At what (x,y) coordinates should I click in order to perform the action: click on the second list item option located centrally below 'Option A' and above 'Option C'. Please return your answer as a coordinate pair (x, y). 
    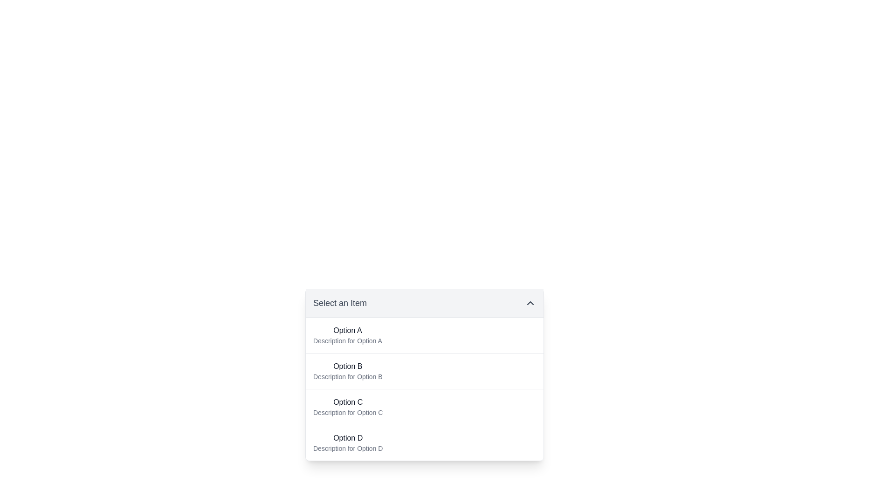
    Looking at the image, I should click on (347, 371).